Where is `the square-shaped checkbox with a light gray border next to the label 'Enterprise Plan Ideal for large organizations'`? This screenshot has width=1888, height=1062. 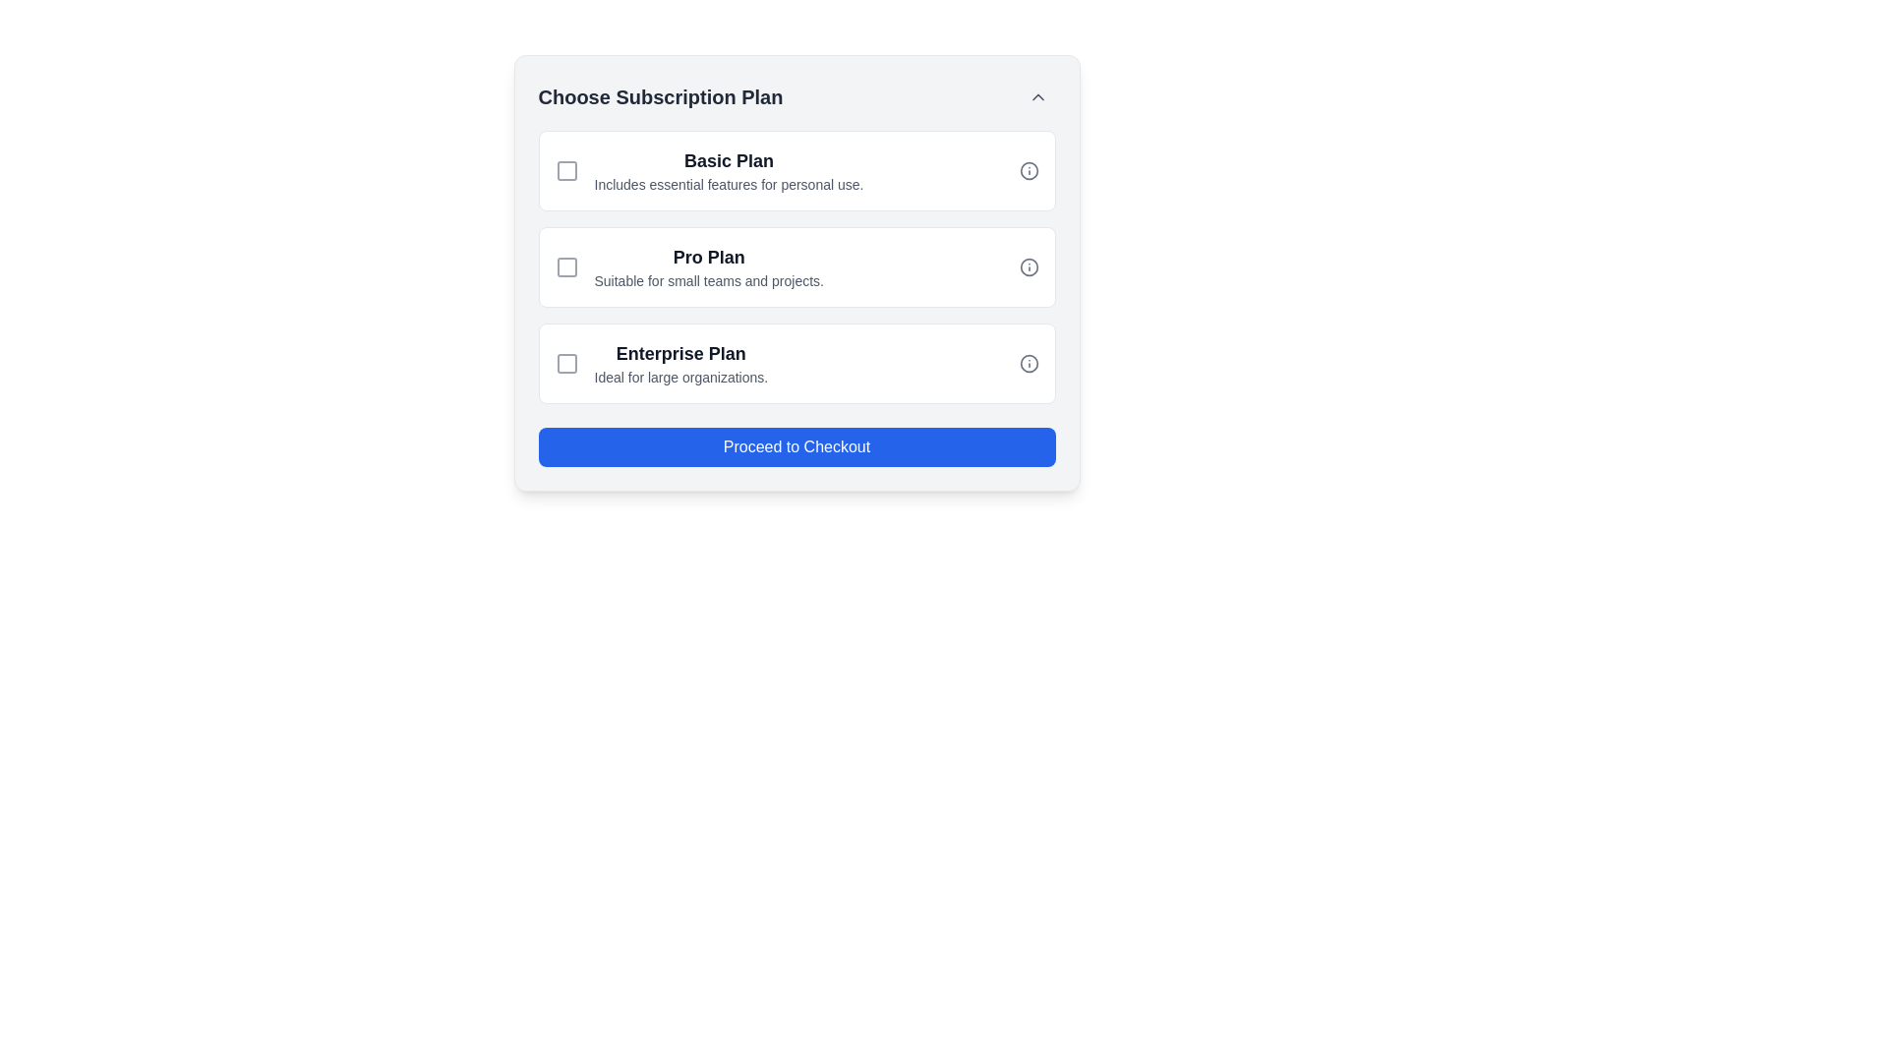
the square-shaped checkbox with a light gray border next to the label 'Enterprise Plan Ideal for large organizations' is located at coordinates (565, 364).